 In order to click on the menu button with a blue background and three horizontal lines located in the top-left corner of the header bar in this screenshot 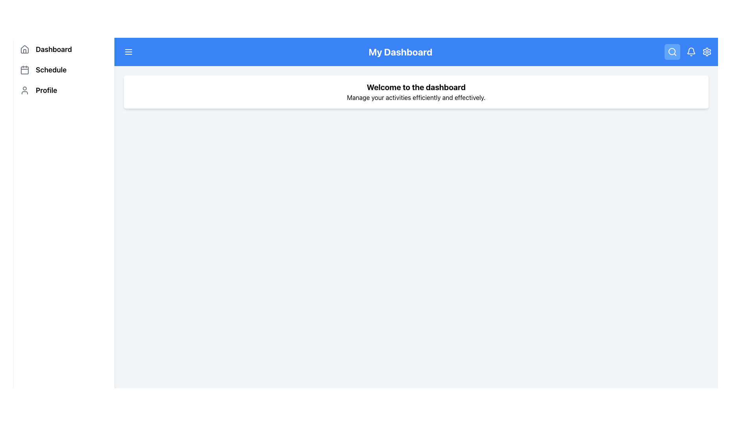, I will do `click(128, 52)`.